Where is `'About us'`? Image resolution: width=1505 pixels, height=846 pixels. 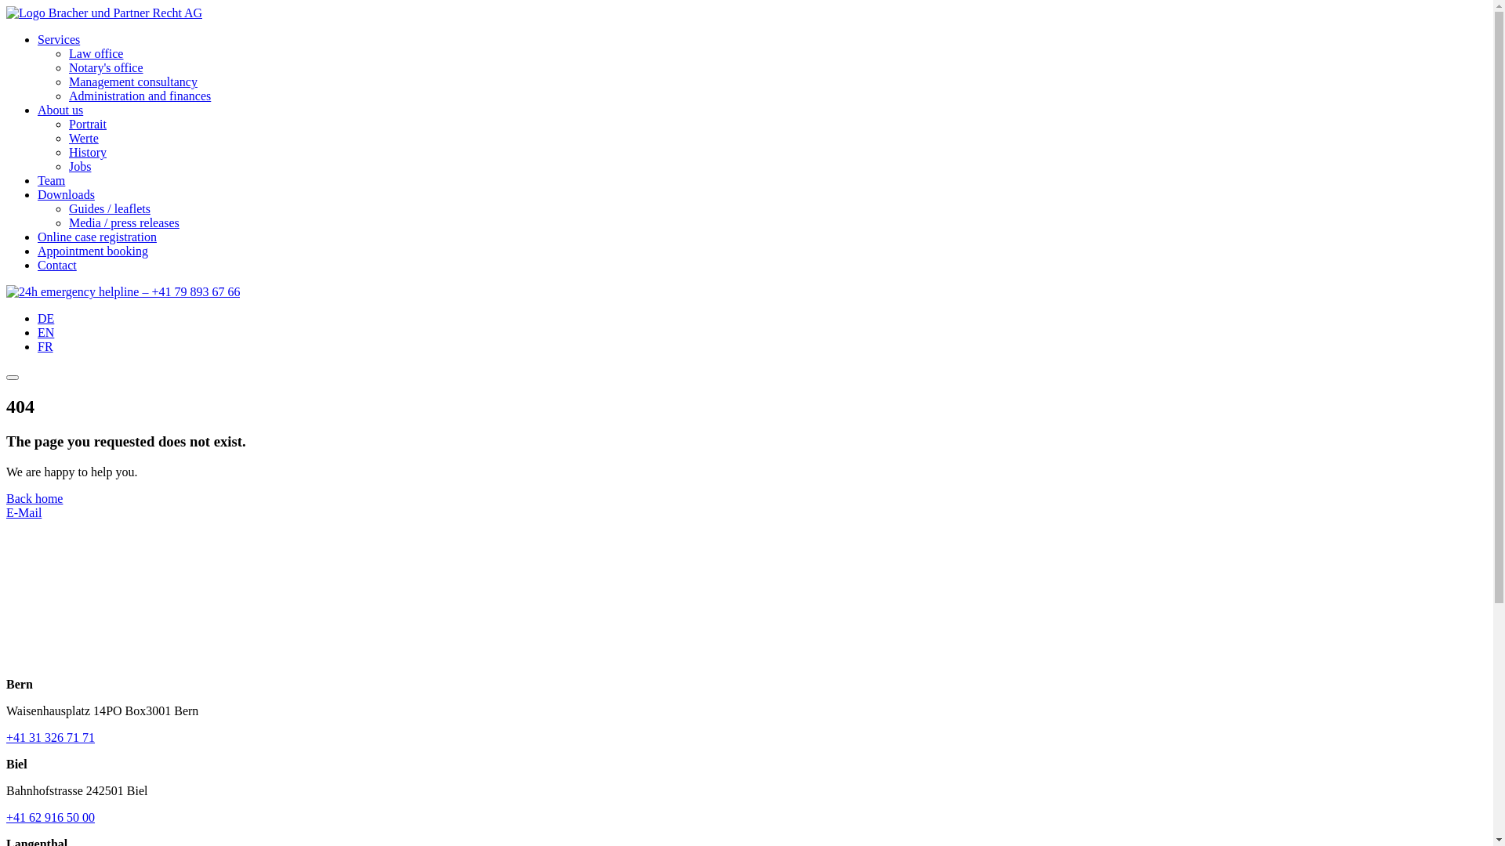 'About us' is located at coordinates (60, 109).